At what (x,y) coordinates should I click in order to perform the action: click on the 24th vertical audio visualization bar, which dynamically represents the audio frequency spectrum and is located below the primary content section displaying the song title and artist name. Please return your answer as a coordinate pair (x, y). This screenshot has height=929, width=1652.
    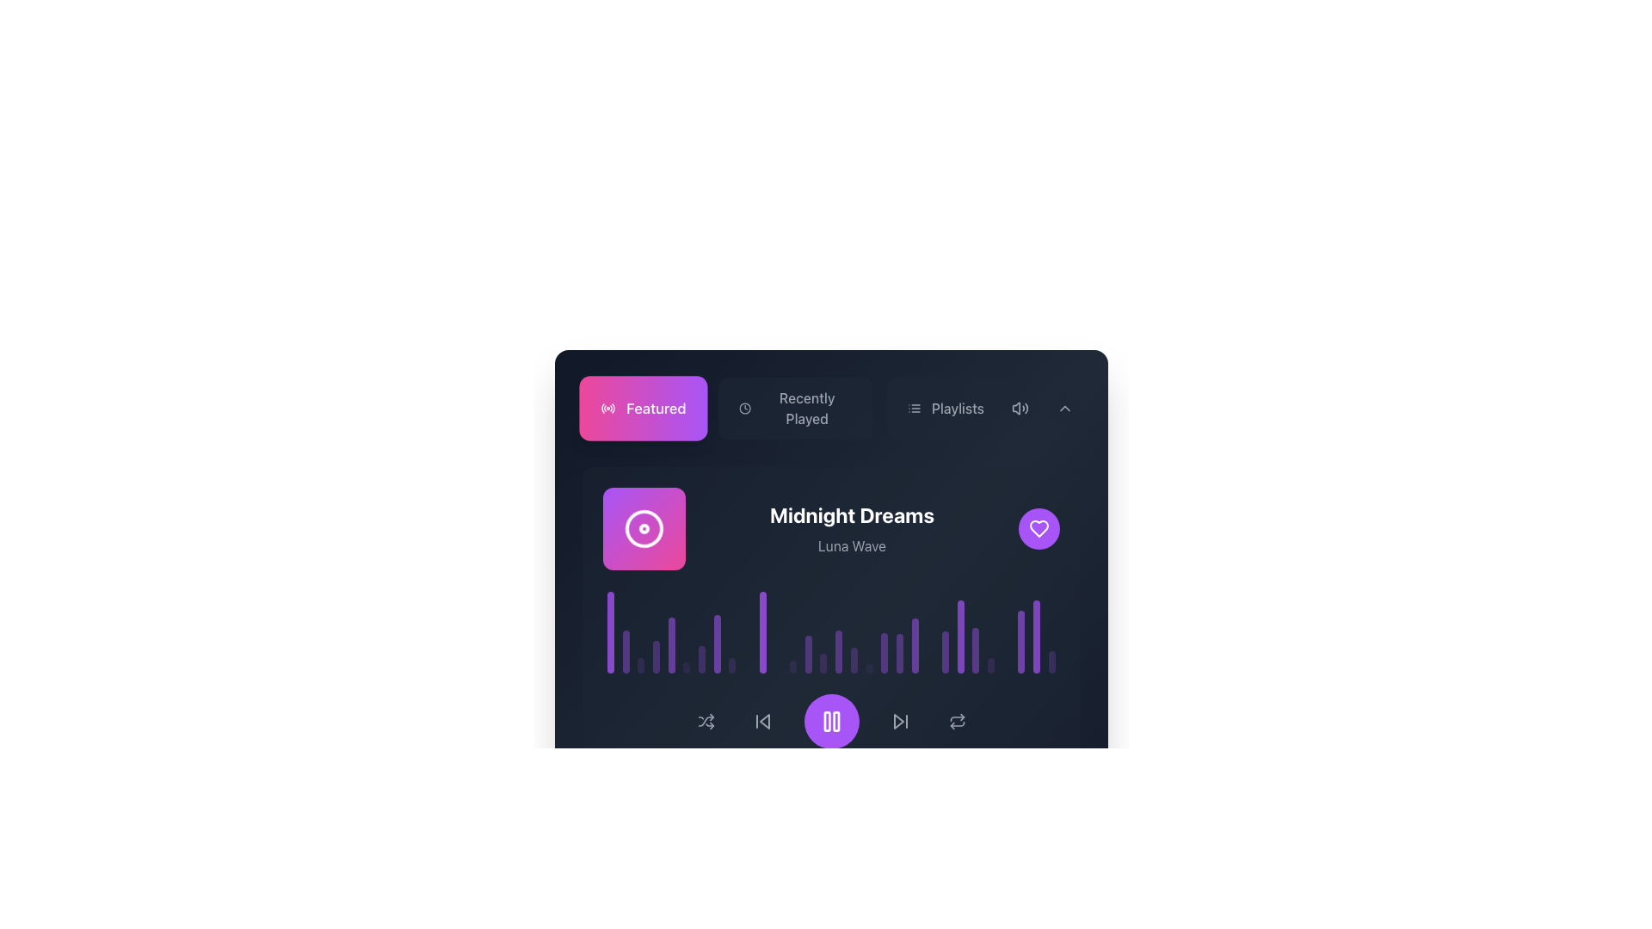
    Looking at the image, I should click on (976, 650).